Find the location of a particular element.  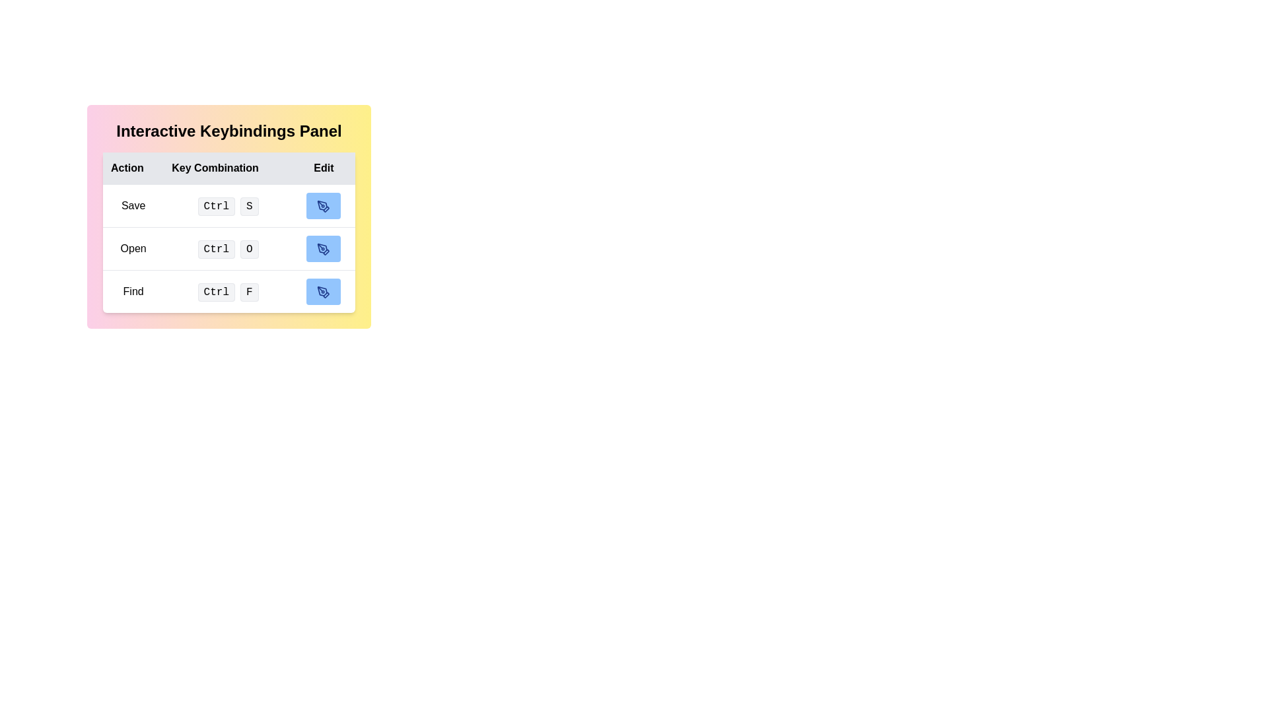

information displayed for the 'Find' action and its shortcut keys 'Ctrl' and 'F' in the third row of the Interactive Keybindings Panel is located at coordinates (229, 290).